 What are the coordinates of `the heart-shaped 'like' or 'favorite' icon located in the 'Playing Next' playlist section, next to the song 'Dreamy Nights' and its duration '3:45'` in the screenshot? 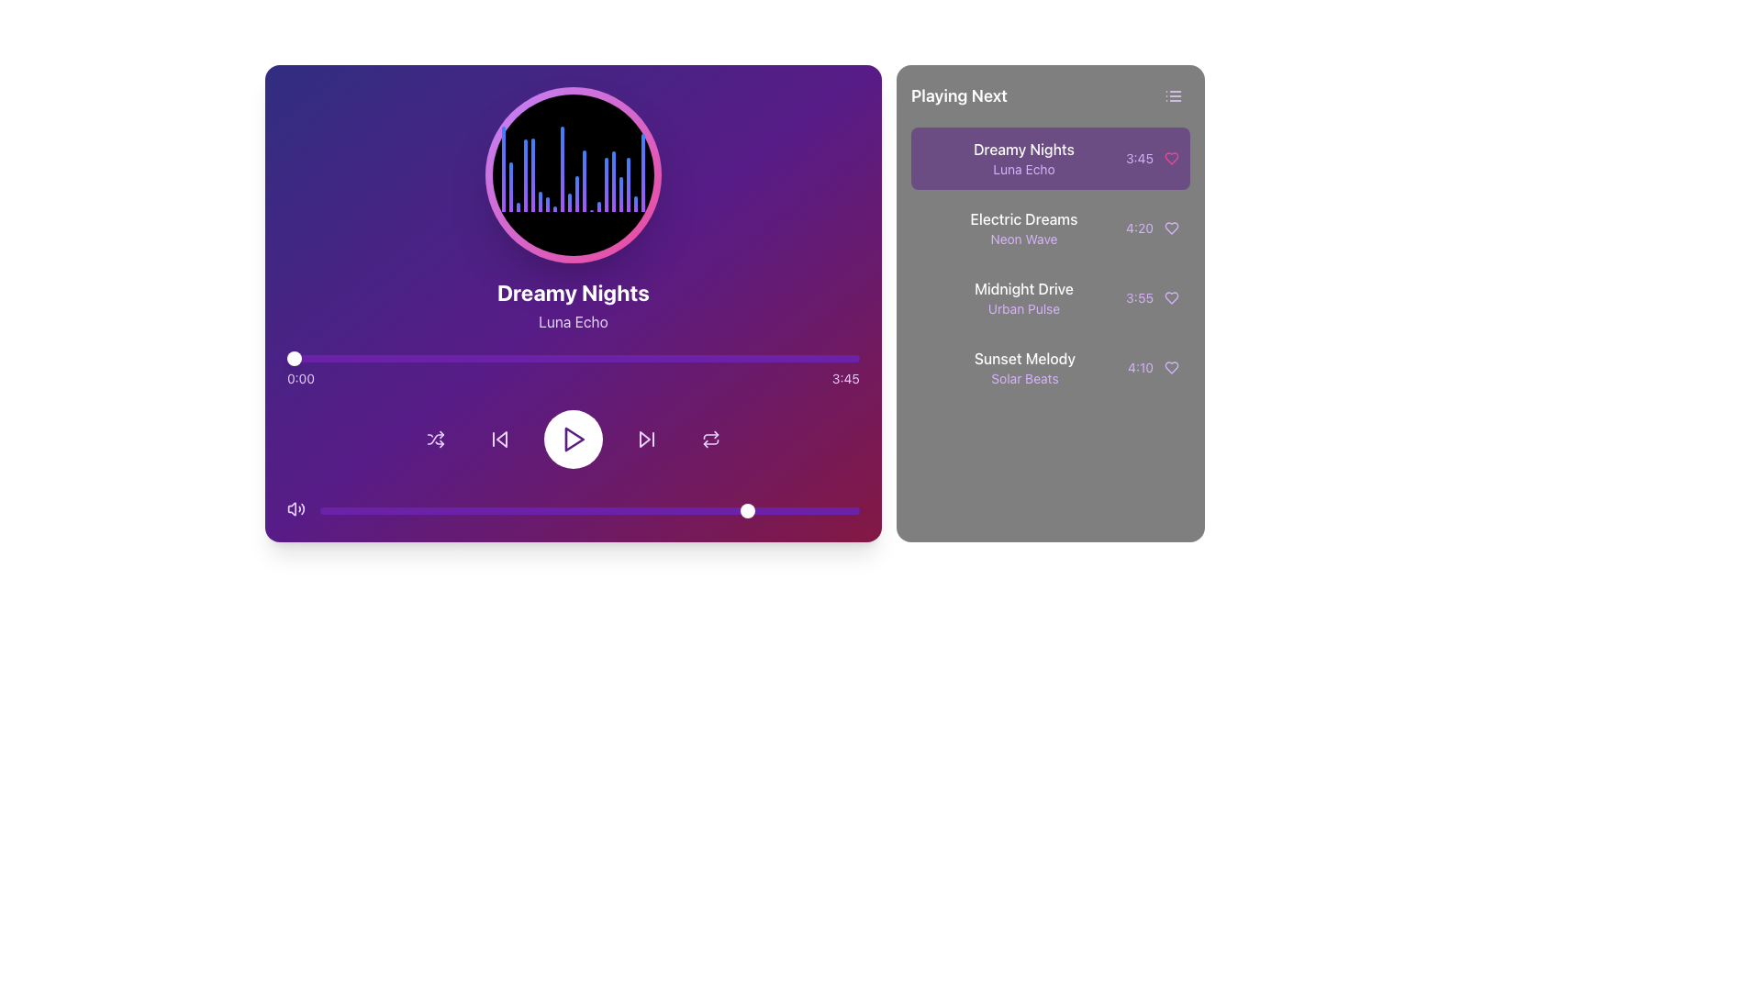 It's located at (1170, 158).